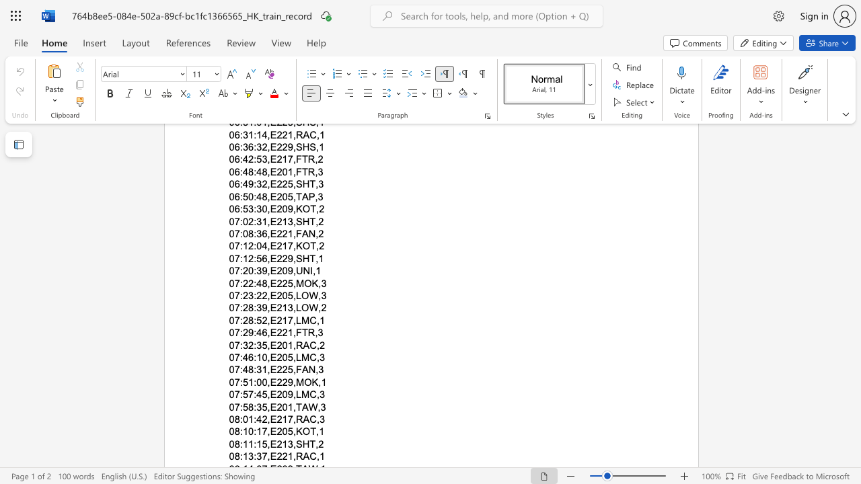 Image resolution: width=861 pixels, height=484 pixels. What do you see at coordinates (234, 333) in the screenshot?
I see `the space between the continuous character "0" and "7" in the text` at bounding box center [234, 333].